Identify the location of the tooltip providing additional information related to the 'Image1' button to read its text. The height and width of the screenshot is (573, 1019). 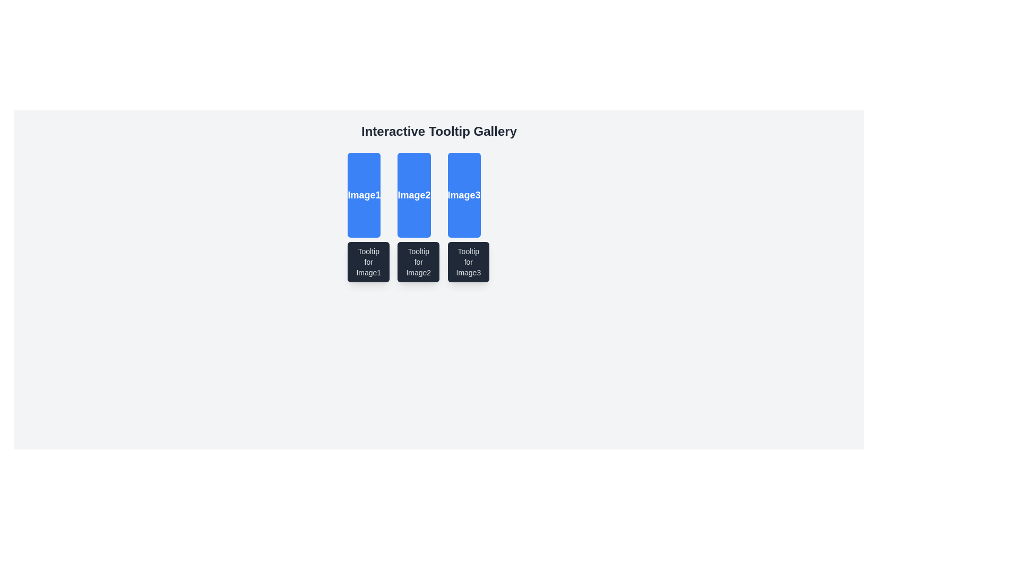
(368, 262).